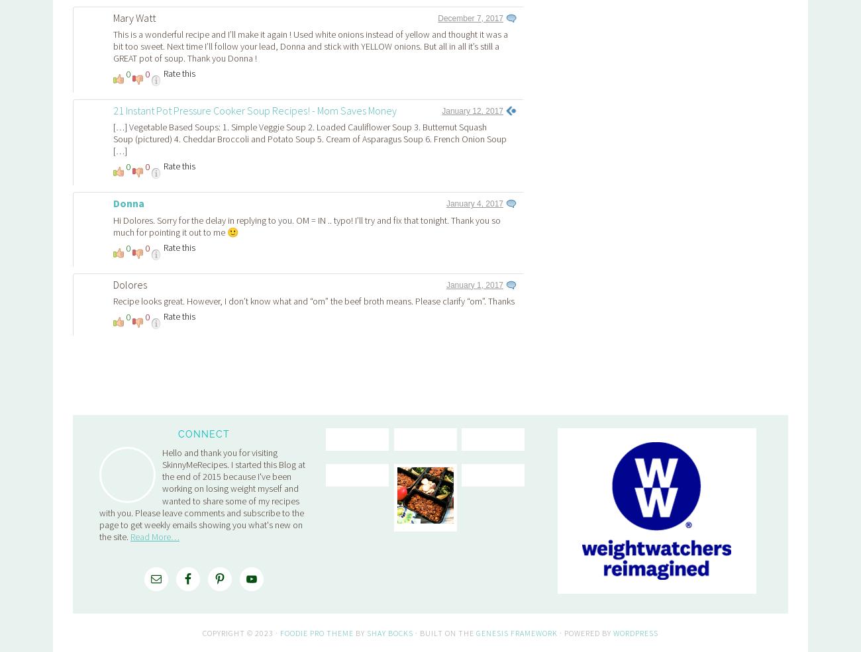  What do you see at coordinates (585, 447) in the screenshot?
I see `'·  Powered by'` at bounding box center [585, 447].